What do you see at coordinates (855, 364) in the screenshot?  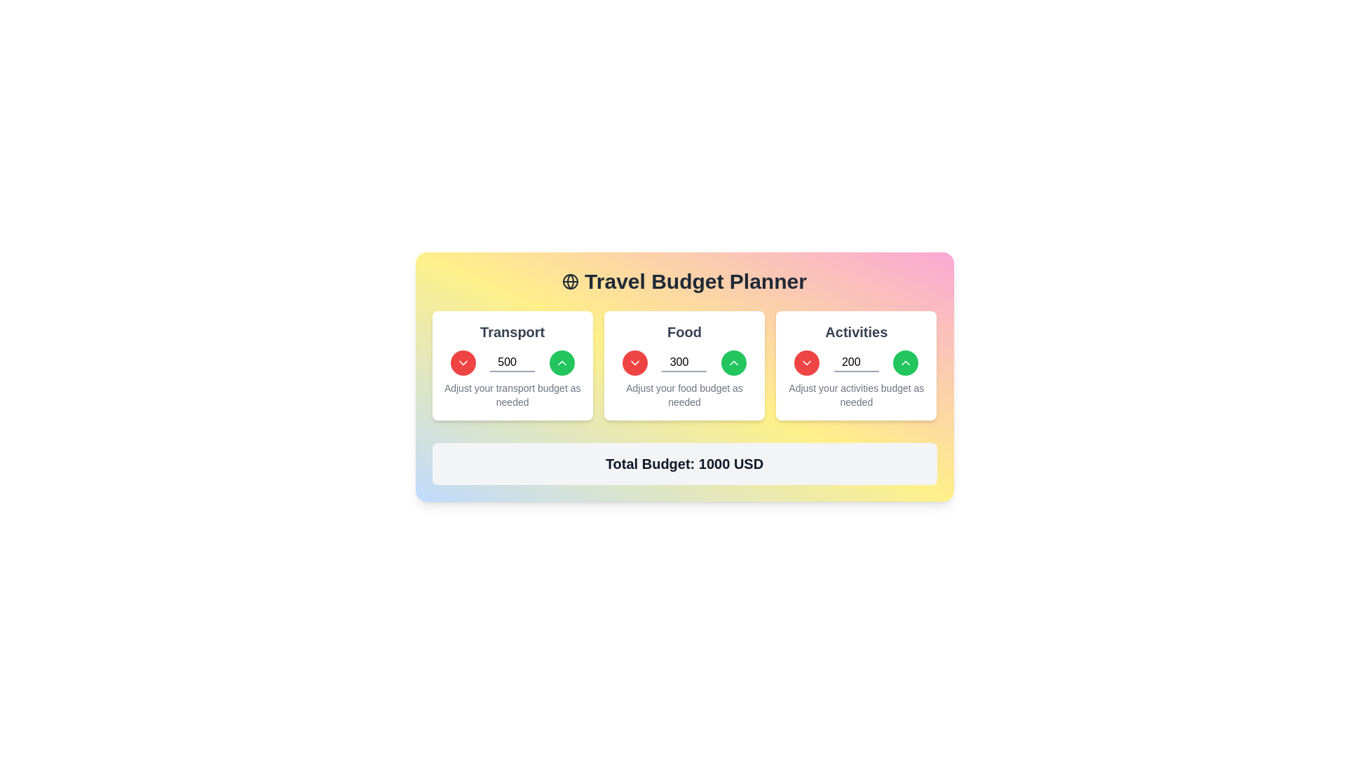 I see `the interactive buttons of the budget adjustment element, which is the rightmost section in a grid layout, for visual feedback` at bounding box center [855, 364].